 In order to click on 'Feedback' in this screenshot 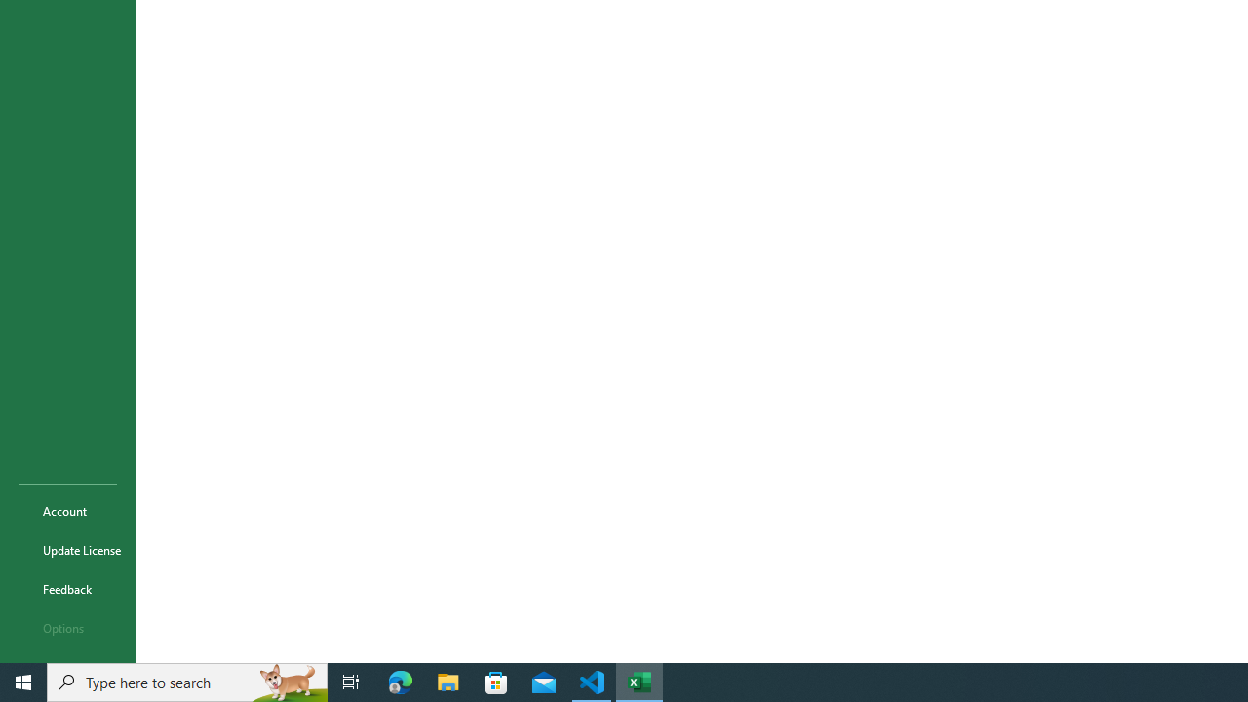, I will do `click(67, 588)`.